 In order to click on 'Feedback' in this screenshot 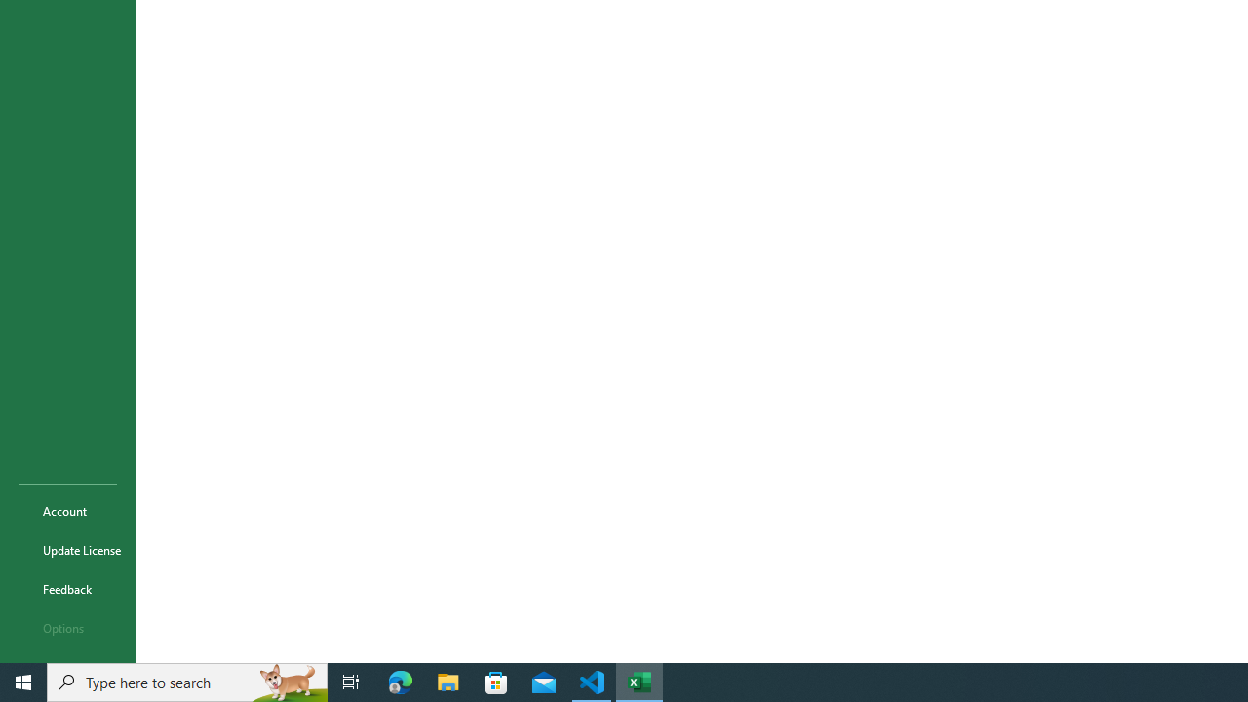, I will do `click(67, 588)`.